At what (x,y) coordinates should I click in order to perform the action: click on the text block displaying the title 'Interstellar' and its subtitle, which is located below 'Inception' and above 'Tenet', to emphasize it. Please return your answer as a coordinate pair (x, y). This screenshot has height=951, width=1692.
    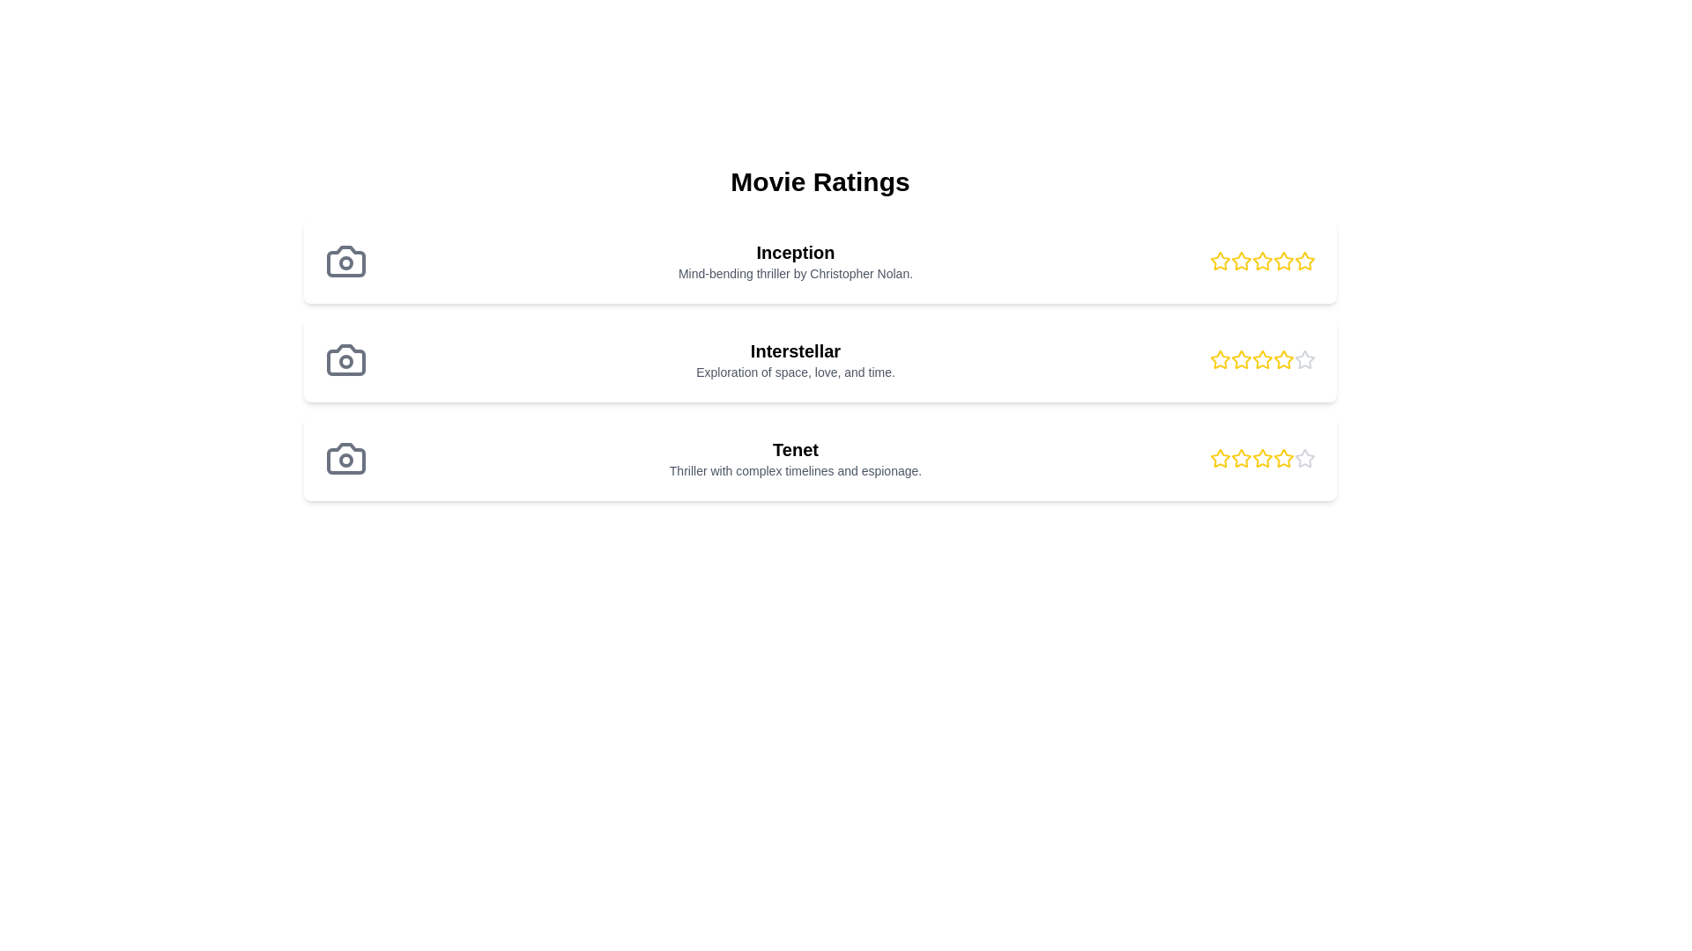
    Looking at the image, I should click on (794, 358).